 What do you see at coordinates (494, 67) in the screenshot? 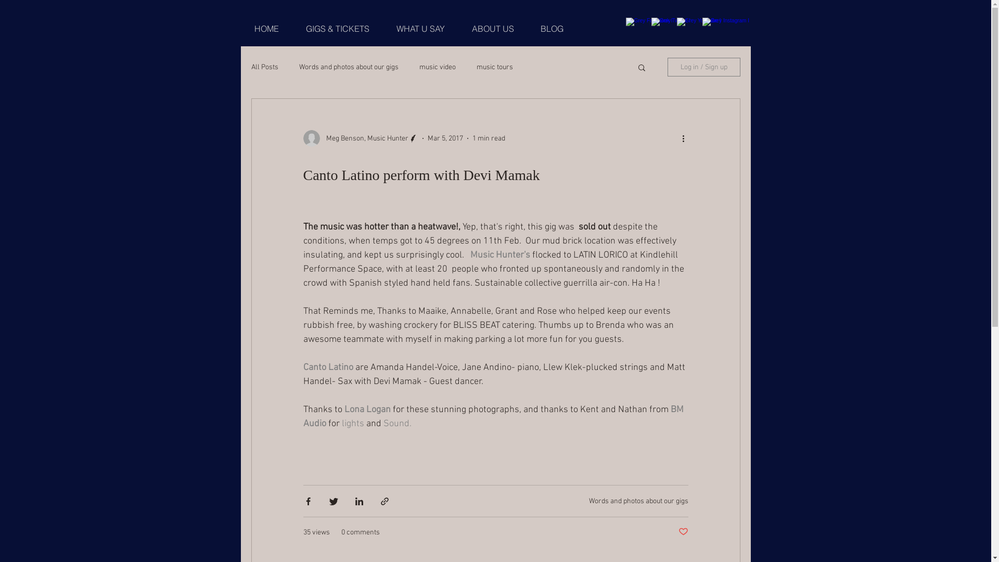
I see `'music tours'` at bounding box center [494, 67].